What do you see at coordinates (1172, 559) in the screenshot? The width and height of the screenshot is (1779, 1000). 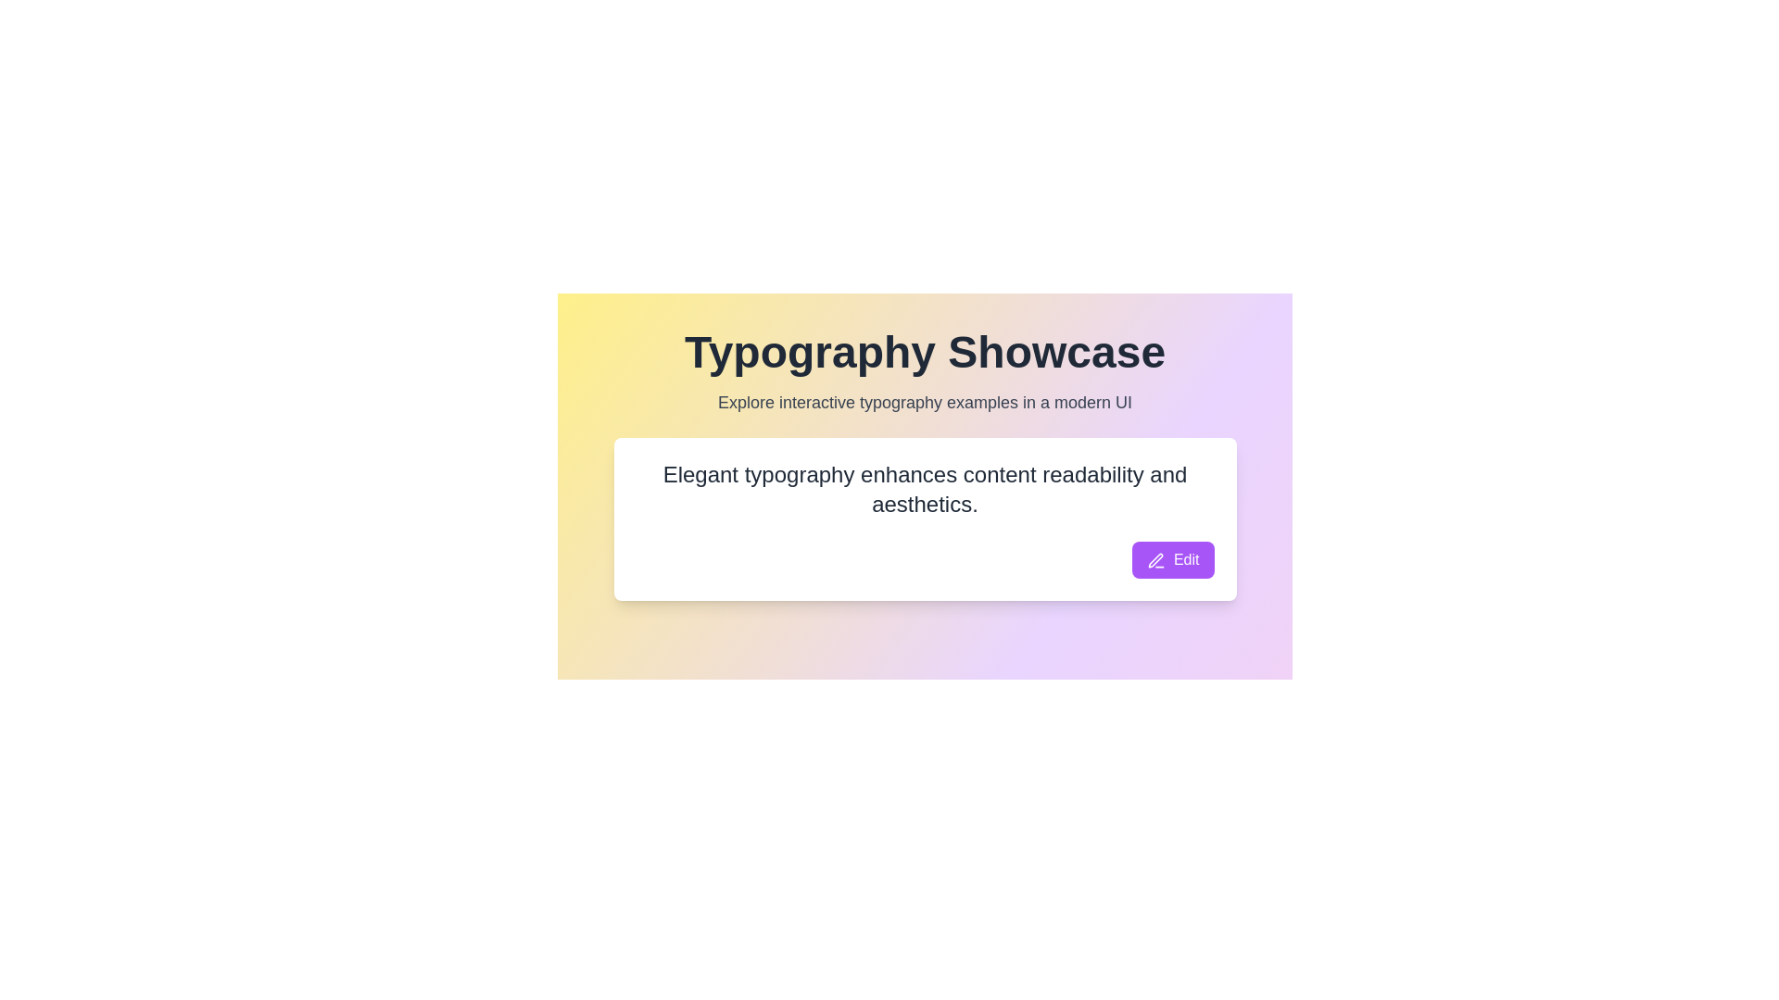 I see `the edit button located at the bottom-right corner of the text card` at bounding box center [1172, 559].